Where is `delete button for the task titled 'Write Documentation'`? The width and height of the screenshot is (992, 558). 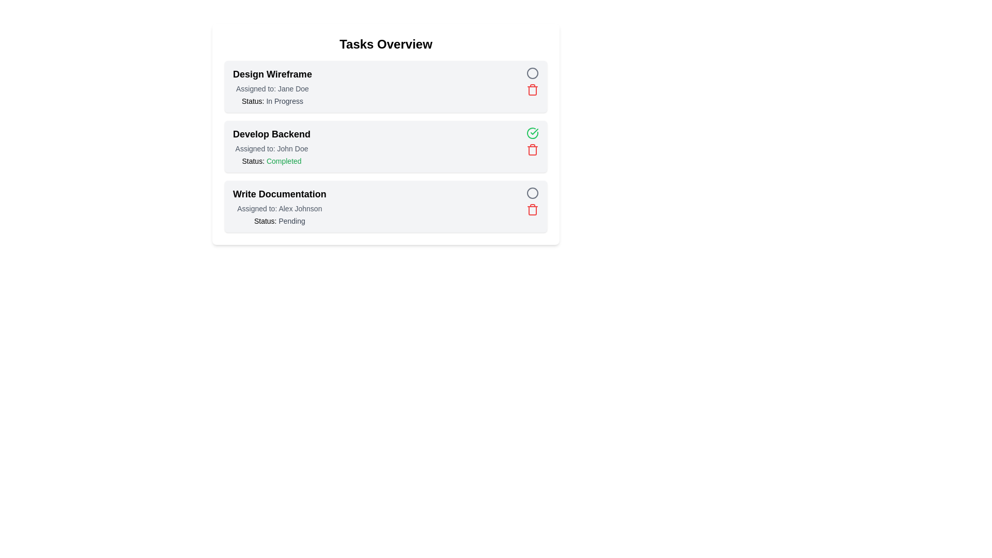
delete button for the task titled 'Write Documentation' is located at coordinates (533, 209).